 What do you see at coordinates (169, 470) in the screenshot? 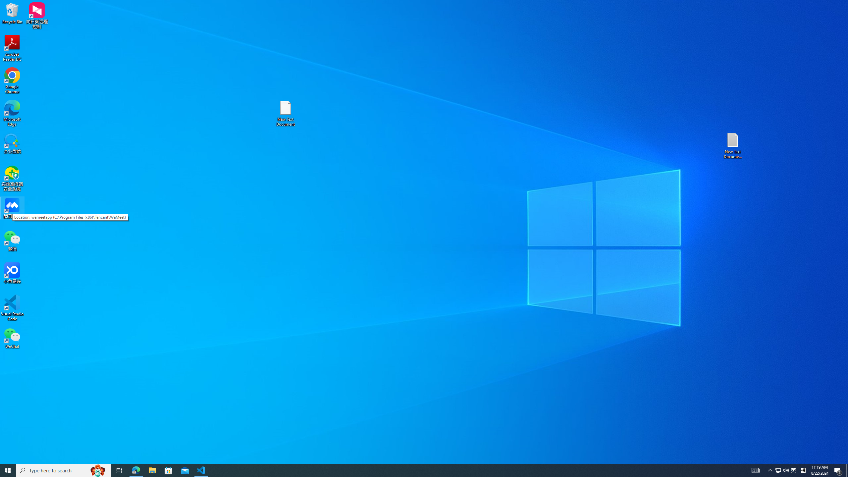
I see `'Microsoft Store'` at bounding box center [169, 470].